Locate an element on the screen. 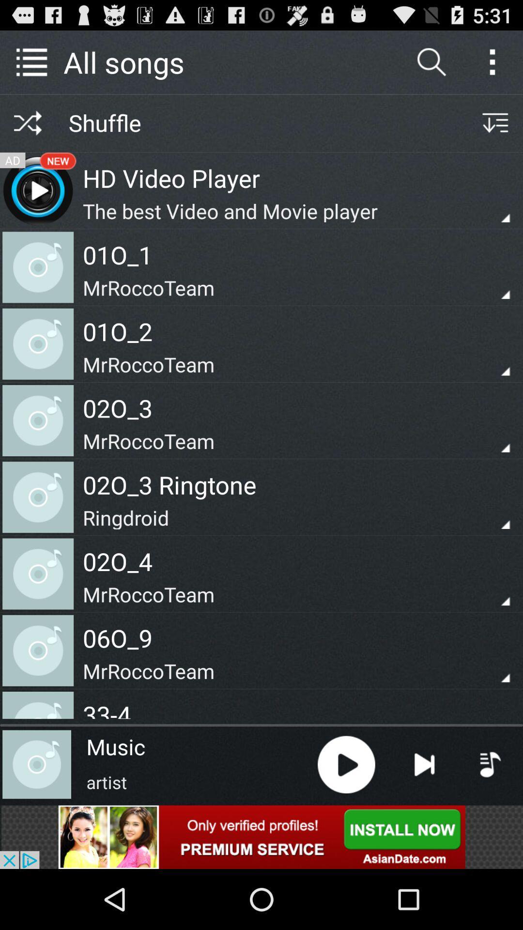  the skip_next icon is located at coordinates (424, 818).